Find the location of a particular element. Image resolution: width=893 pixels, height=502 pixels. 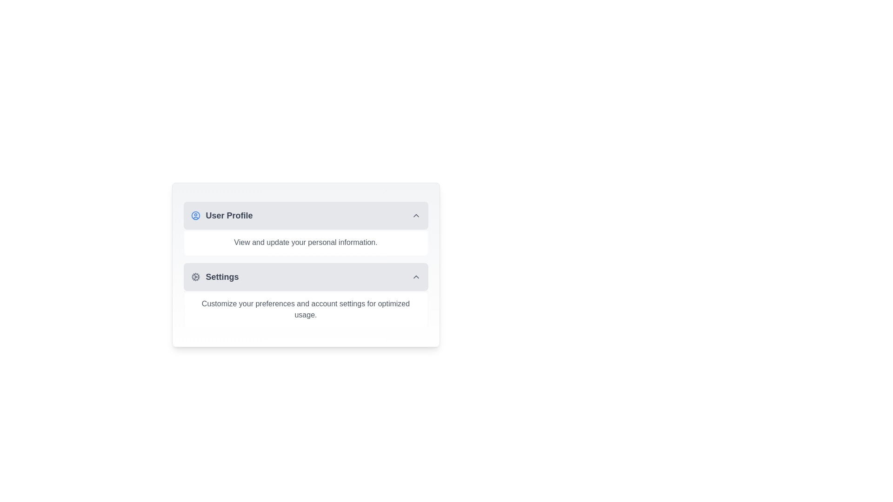

the circular icon with a blue outline located in the 'User Profile' section, positioned on the left side next to the text label is located at coordinates (195, 215).